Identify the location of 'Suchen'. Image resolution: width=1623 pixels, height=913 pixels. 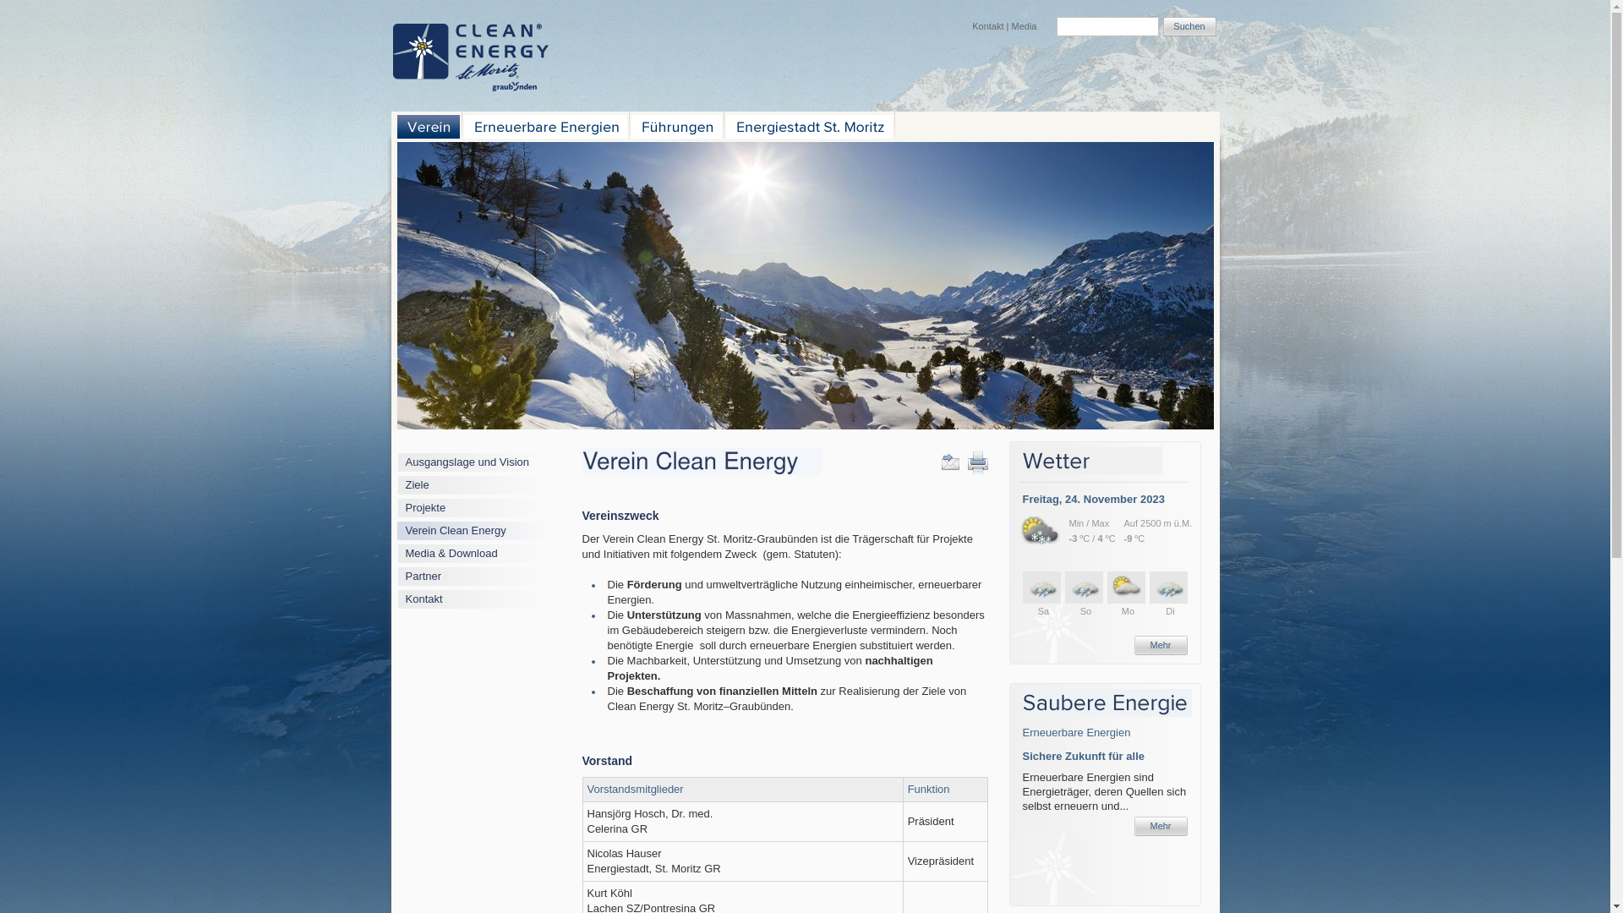
(1189, 26).